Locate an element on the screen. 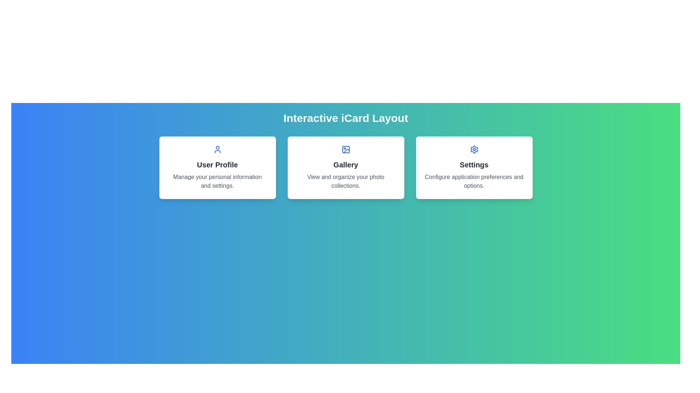  the settings icon located at the center of the 'Settings' card, positioned above the title and description texts is located at coordinates (474, 149).